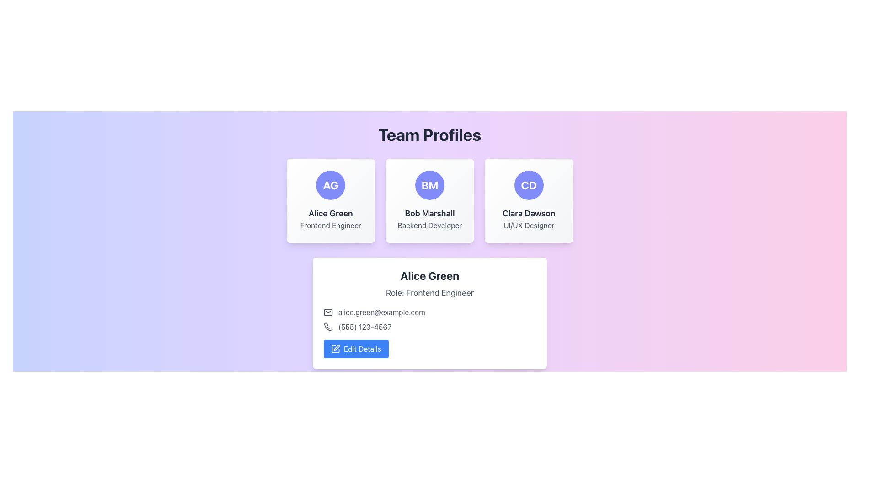 The width and height of the screenshot is (878, 494). What do you see at coordinates (328, 326) in the screenshot?
I see `the phone icon, which is a minimalistic gray icon located to the left of the text '(555) 123-4567' in the contact information section for Alice Green` at bounding box center [328, 326].